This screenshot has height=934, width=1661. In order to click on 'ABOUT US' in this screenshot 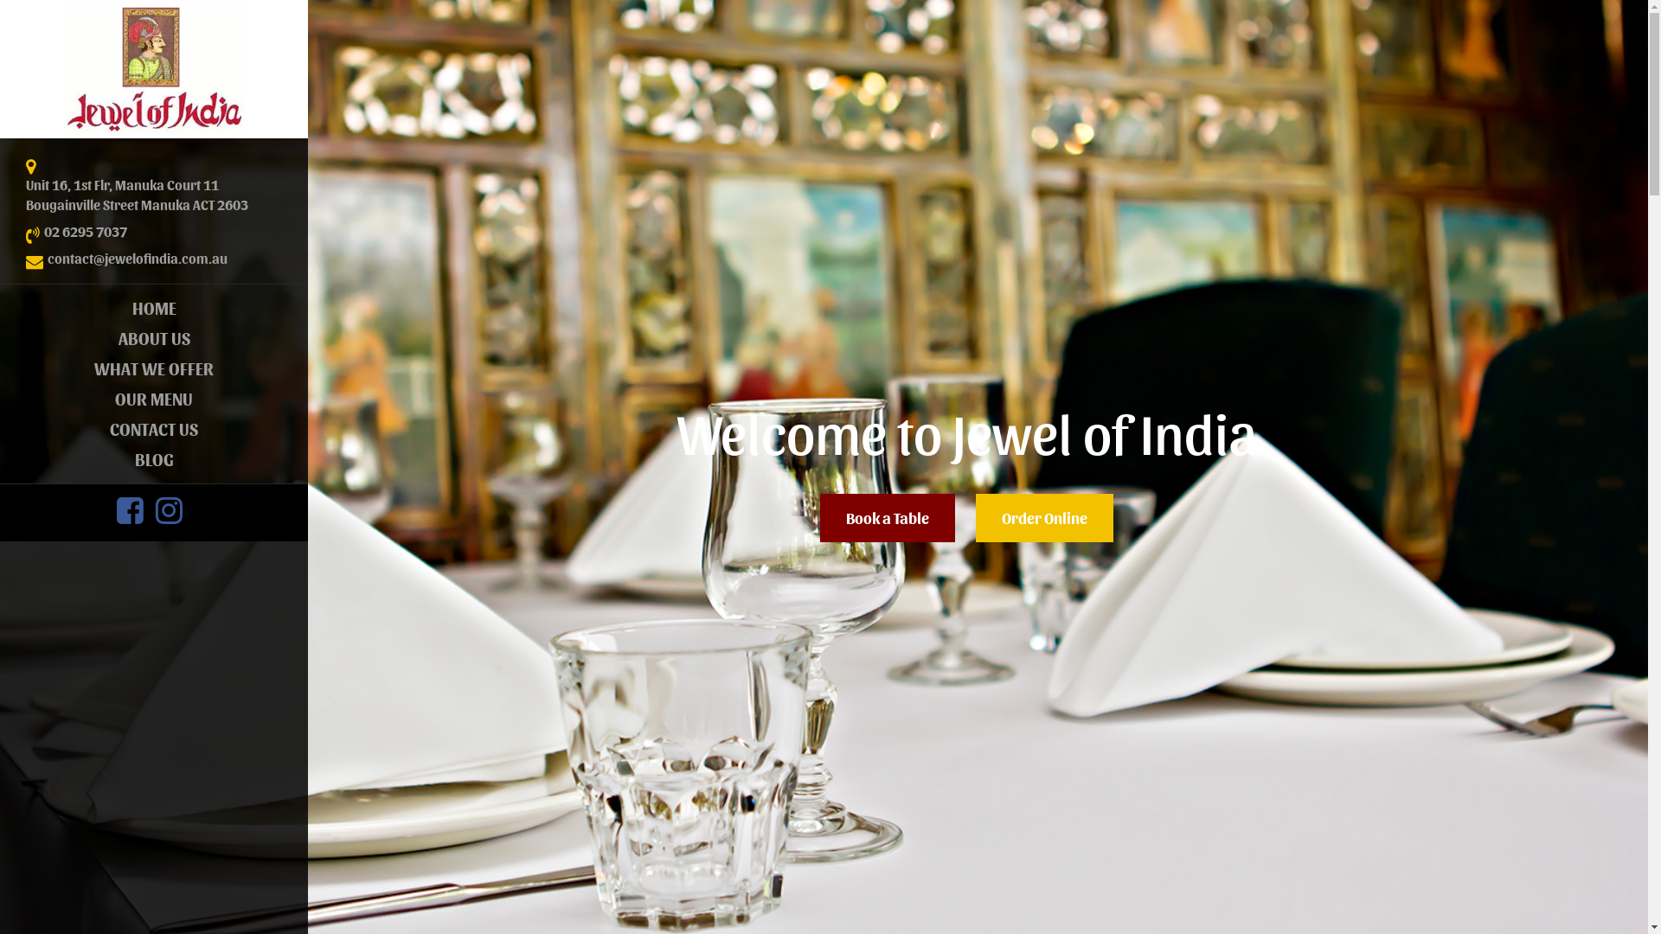, I will do `click(153, 338)`.